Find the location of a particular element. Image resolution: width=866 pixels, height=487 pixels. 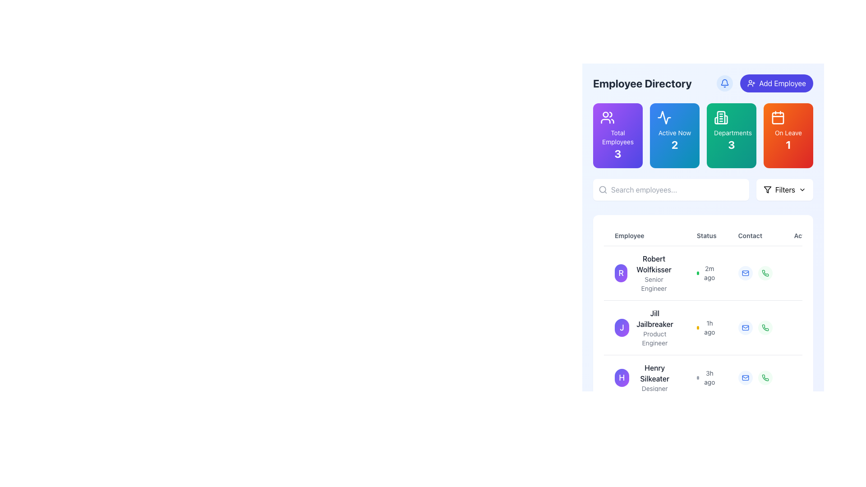

the text label displaying 'Product Engineer' located under the name 'Jill Jailbreaker' in the employee directory is located at coordinates (654, 339).